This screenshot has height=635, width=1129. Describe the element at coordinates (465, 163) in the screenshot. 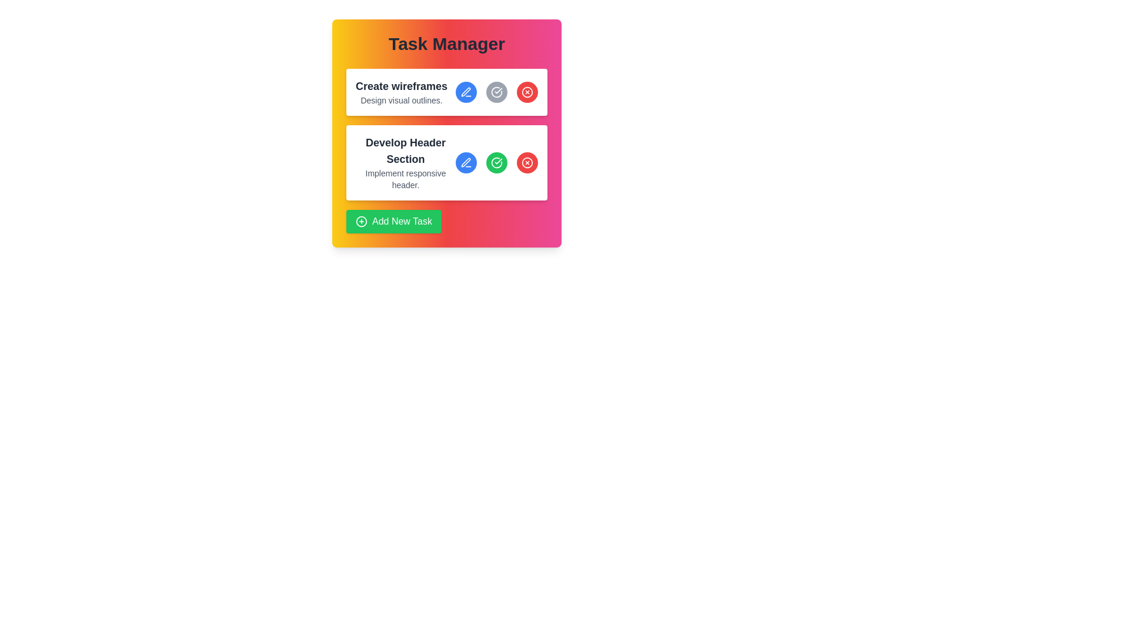

I see `the pen icon button with a blue circular background located in the second task card titled 'Develop Header Section' to initiate editing the task` at that location.